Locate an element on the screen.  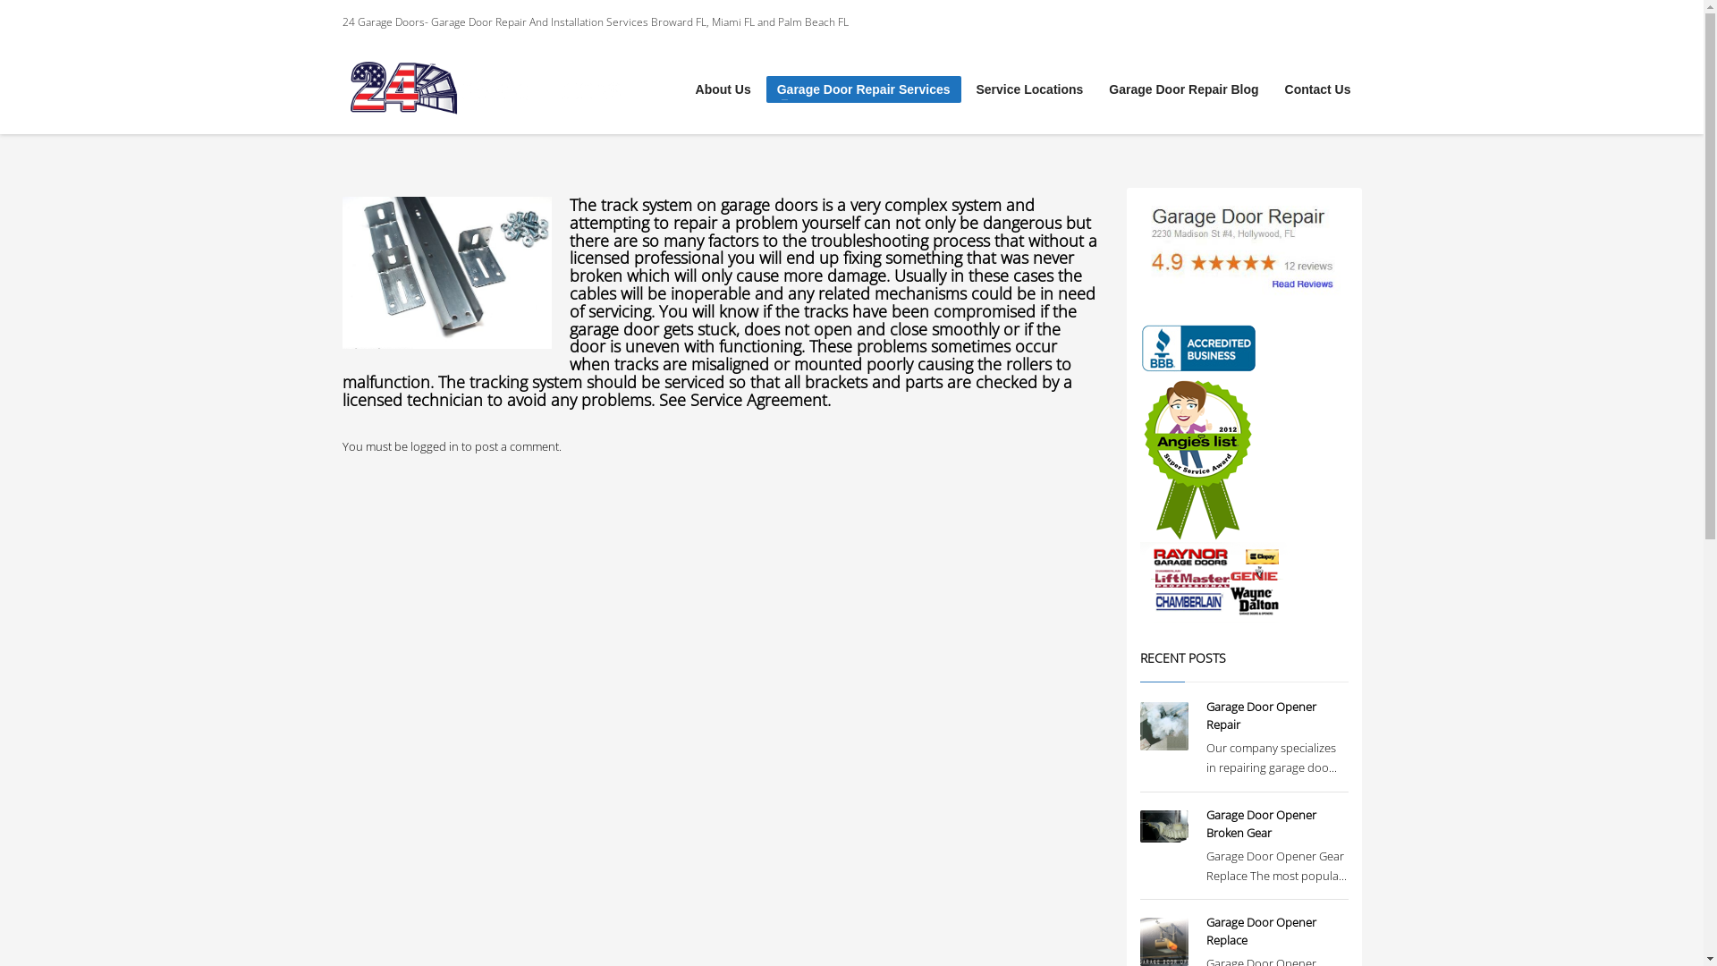
'Contact Us' is located at coordinates (1317, 89).